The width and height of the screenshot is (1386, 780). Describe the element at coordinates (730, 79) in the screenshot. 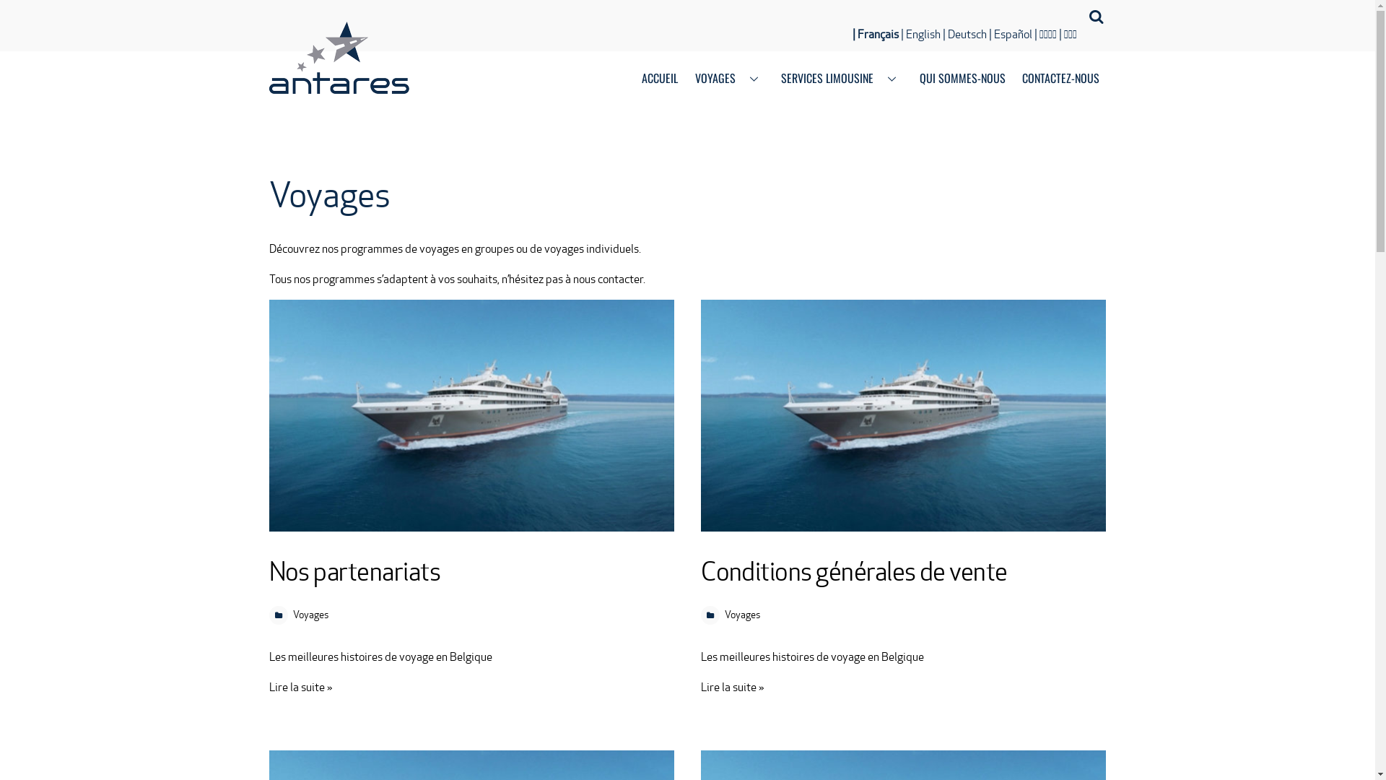

I see `'VOYAGES'` at that location.